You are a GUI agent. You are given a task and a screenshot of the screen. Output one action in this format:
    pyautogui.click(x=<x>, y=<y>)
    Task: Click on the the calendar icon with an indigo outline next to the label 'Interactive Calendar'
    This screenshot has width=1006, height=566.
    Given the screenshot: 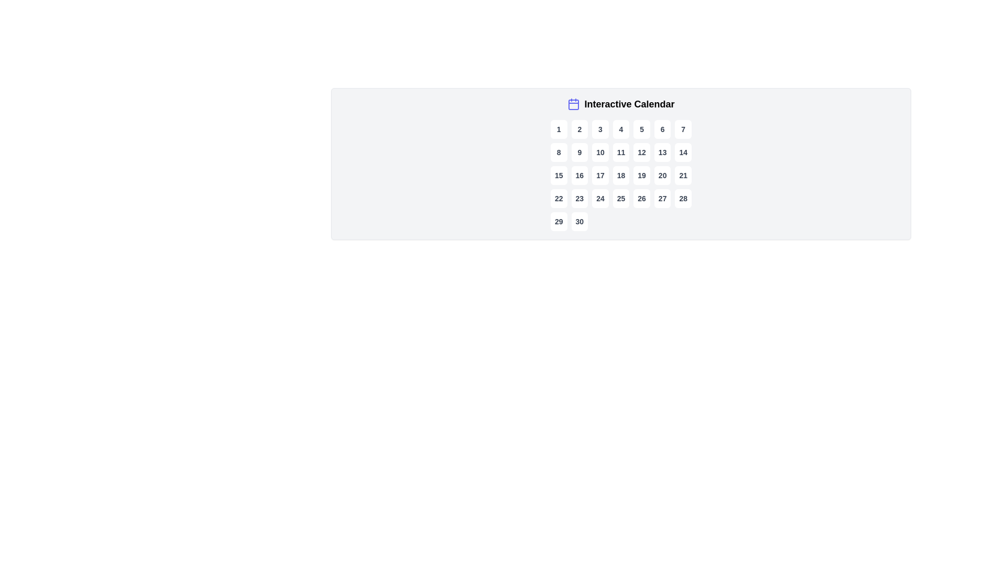 What is the action you would take?
    pyautogui.click(x=573, y=104)
    